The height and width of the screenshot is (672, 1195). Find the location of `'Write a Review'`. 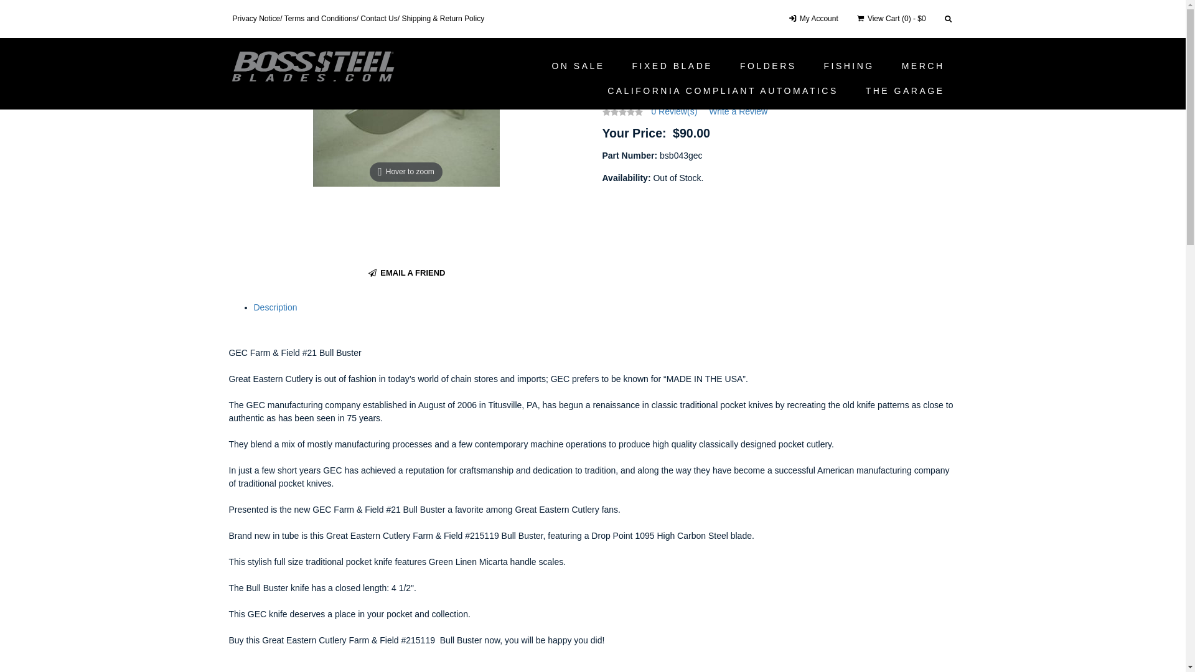

'Write a Review' is located at coordinates (738, 110).